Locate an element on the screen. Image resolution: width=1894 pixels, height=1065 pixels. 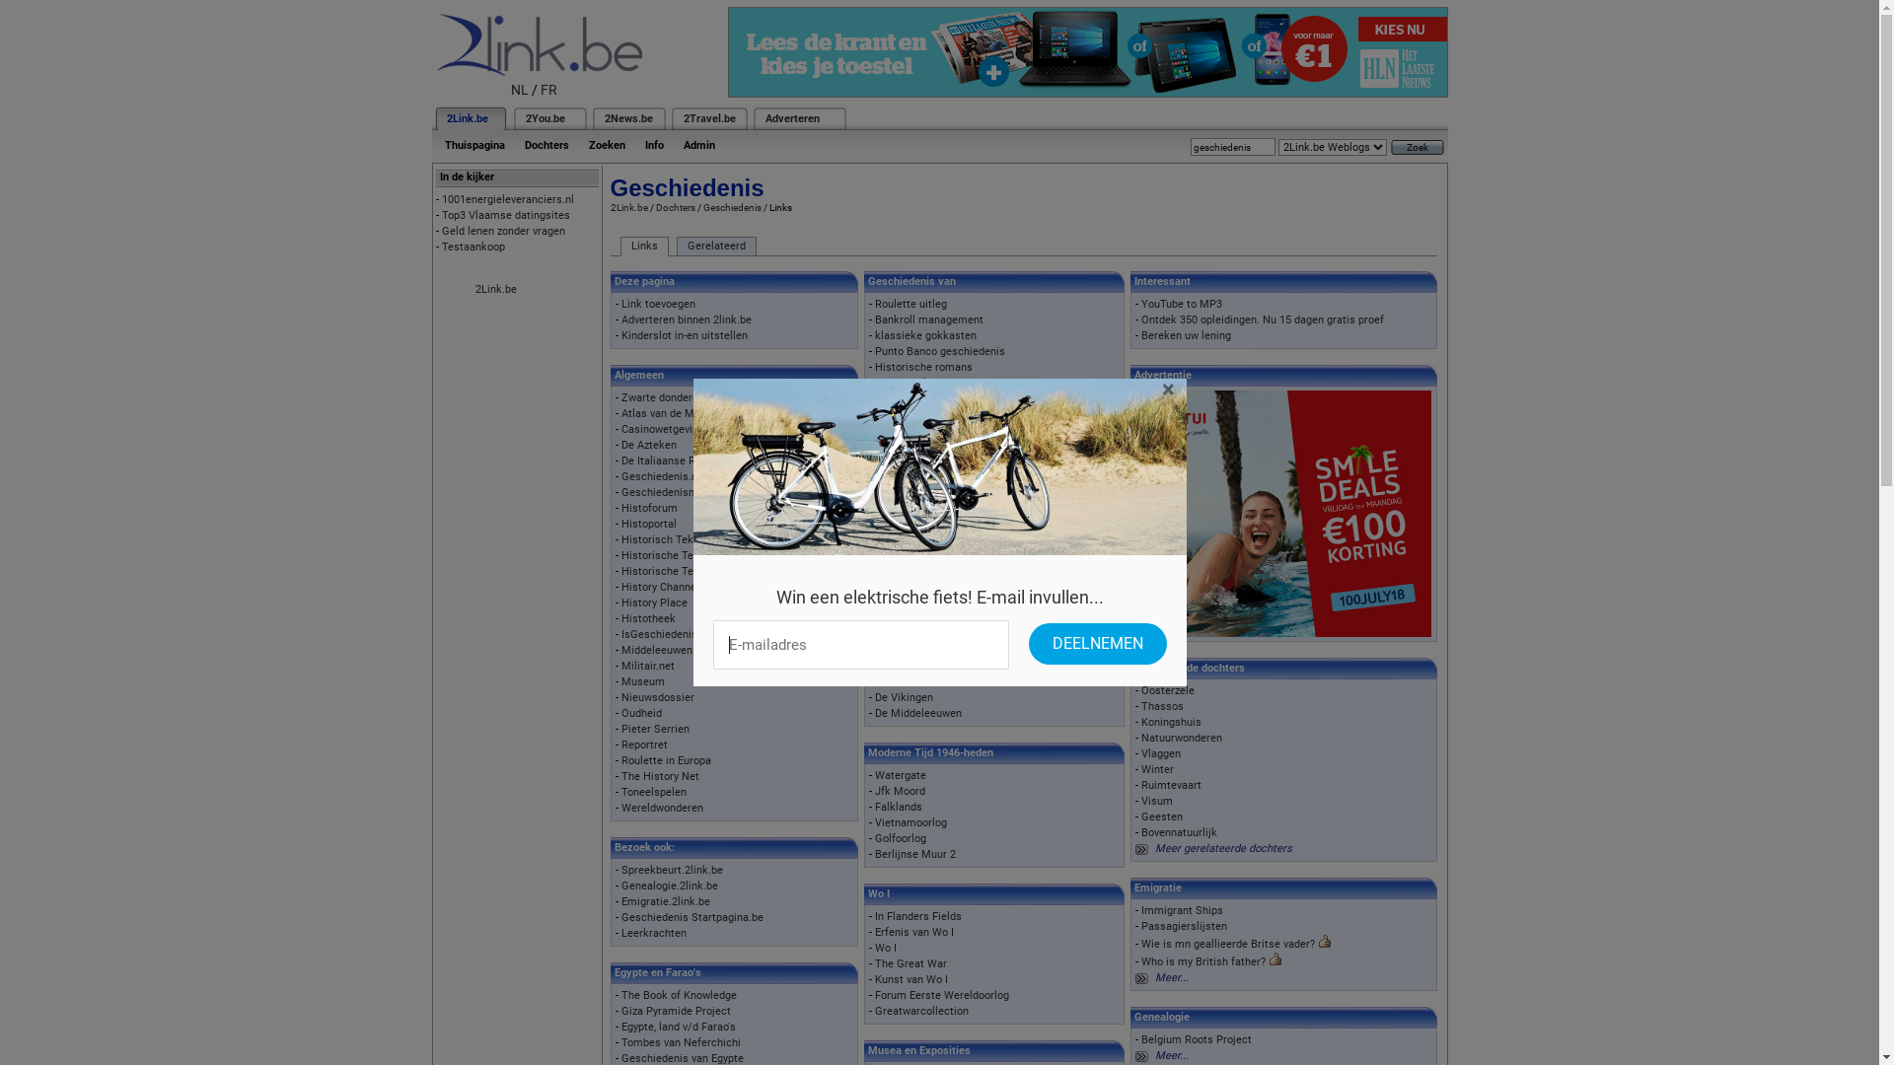
'Historische romans' is located at coordinates (874, 367).